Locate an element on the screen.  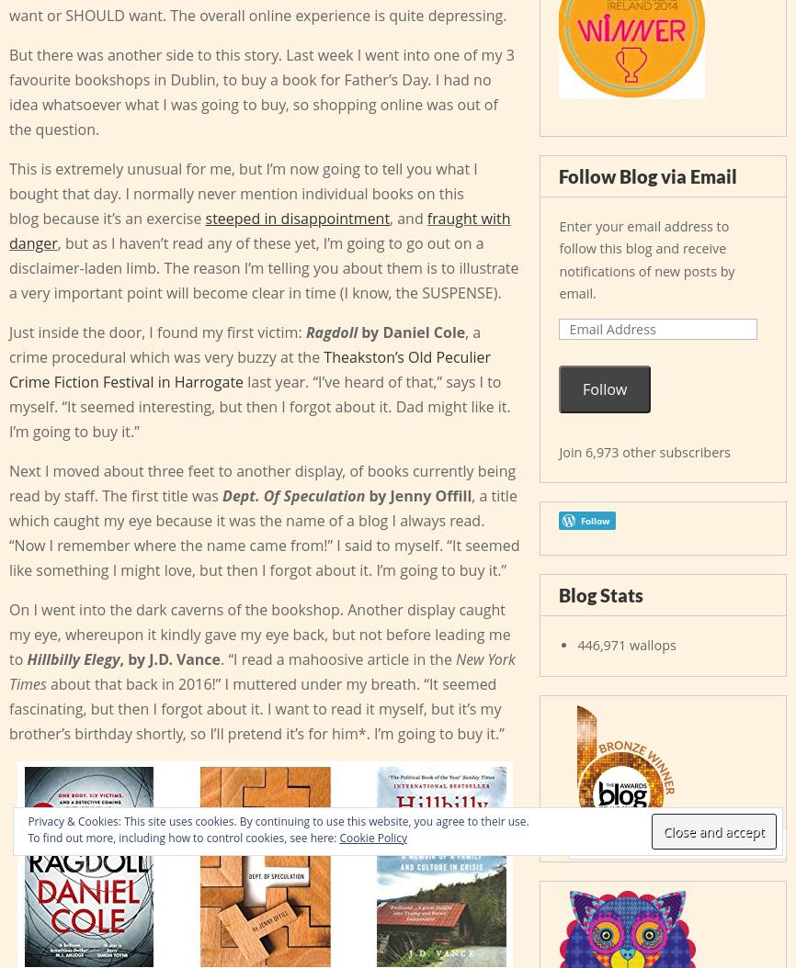
'by Jenny Offill' is located at coordinates (417, 495).